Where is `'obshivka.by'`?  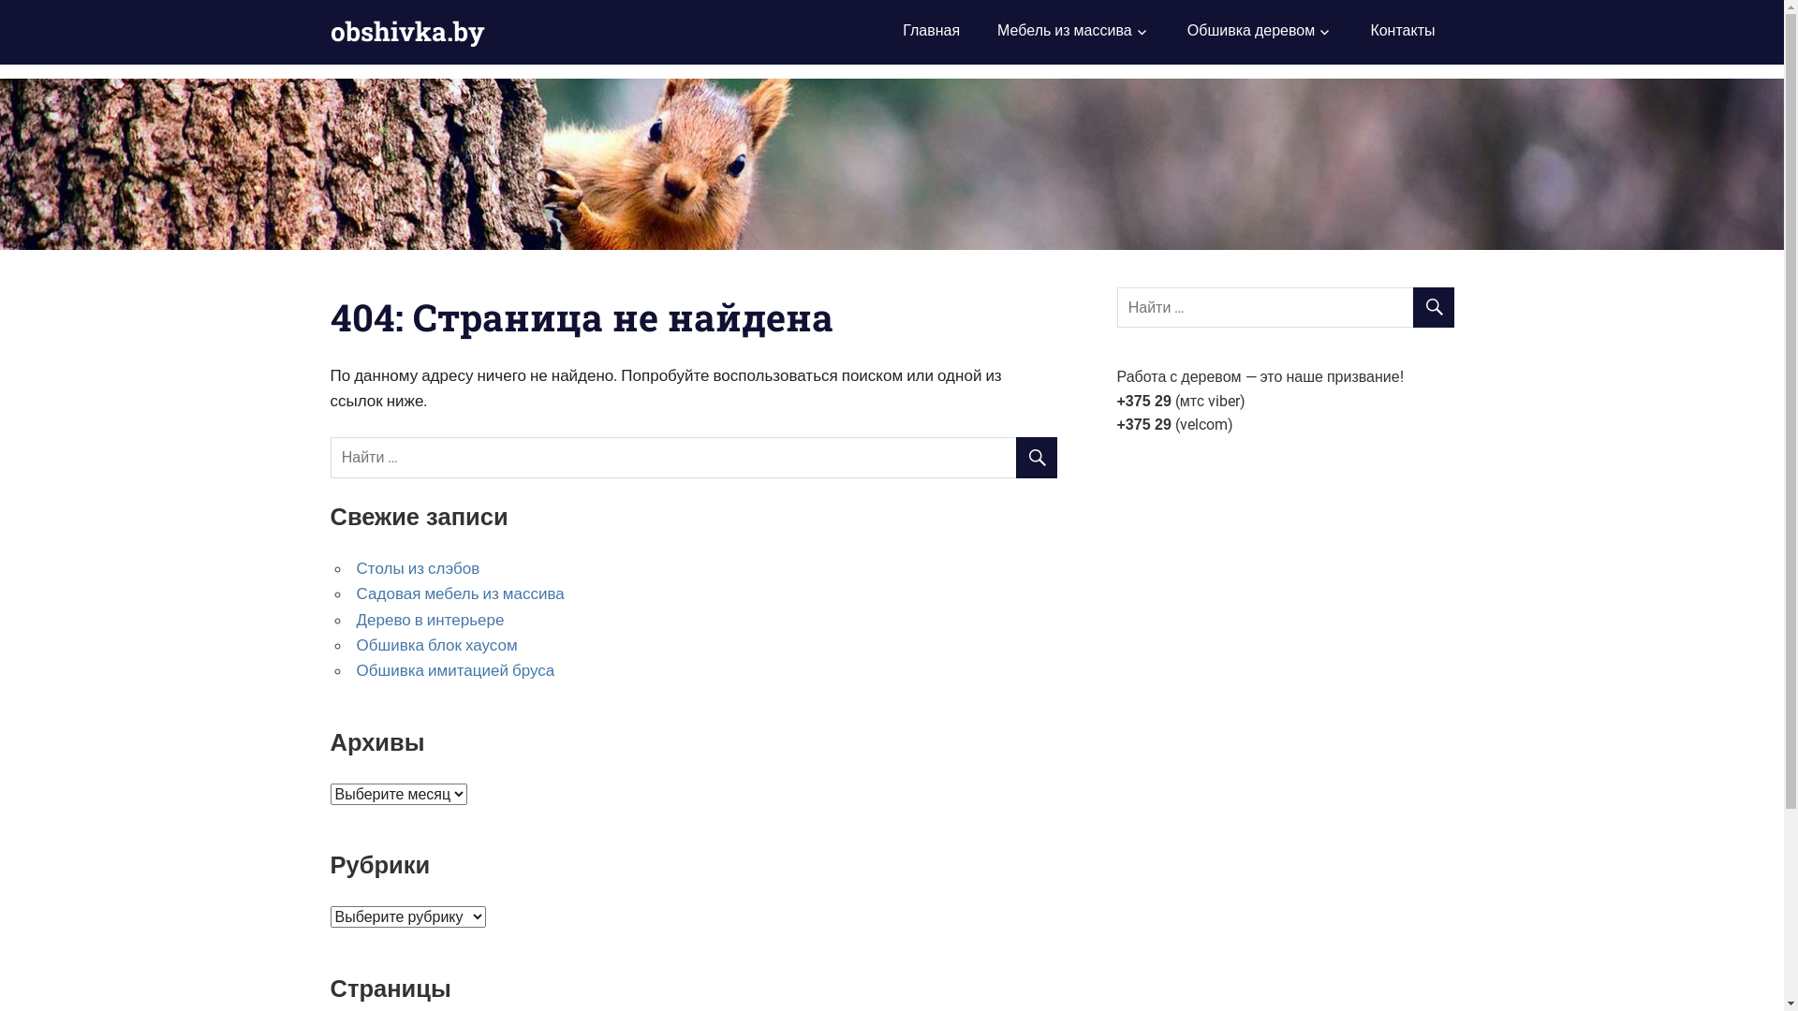
'obshivka.by' is located at coordinates (329, 31).